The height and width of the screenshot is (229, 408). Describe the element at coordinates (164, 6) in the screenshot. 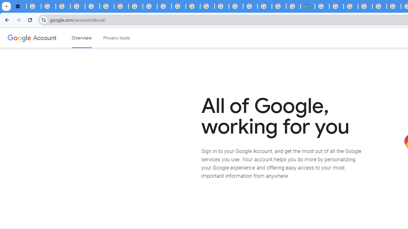

I see `'Privacy Checkup'` at that location.